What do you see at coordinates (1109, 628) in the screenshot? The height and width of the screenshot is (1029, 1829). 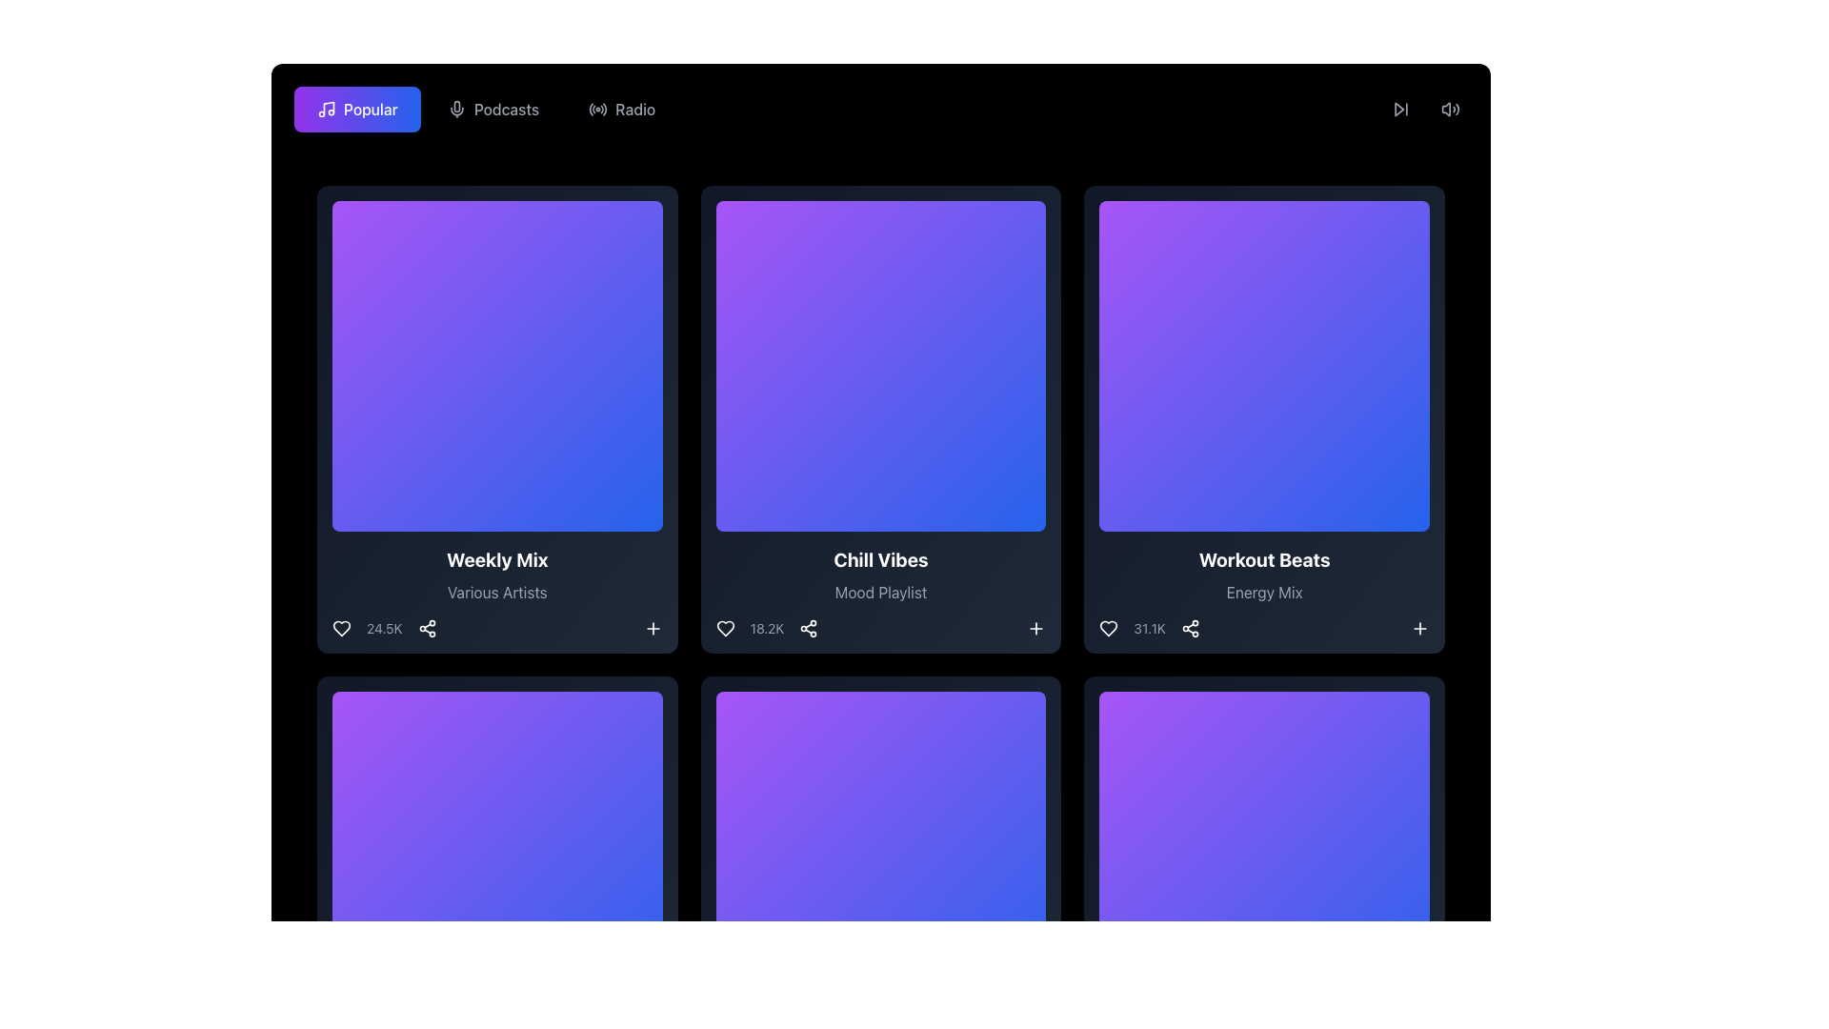 I see `the heart icon located at the bottom-left corner of the 'Workout Beats' card to like or favorite the item` at bounding box center [1109, 628].